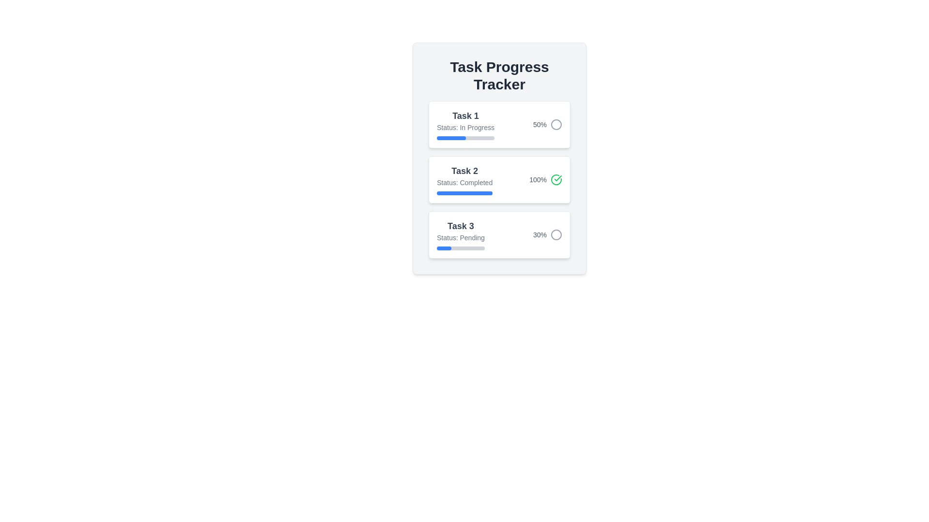 The height and width of the screenshot is (522, 929). What do you see at coordinates (556, 235) in the screenshot?
I see `circular hollow ring icon located within the 'Task 3' item, which is to the right of the '30%' text label in the 'Status: Pending' section` at bounding box center [556, 235].